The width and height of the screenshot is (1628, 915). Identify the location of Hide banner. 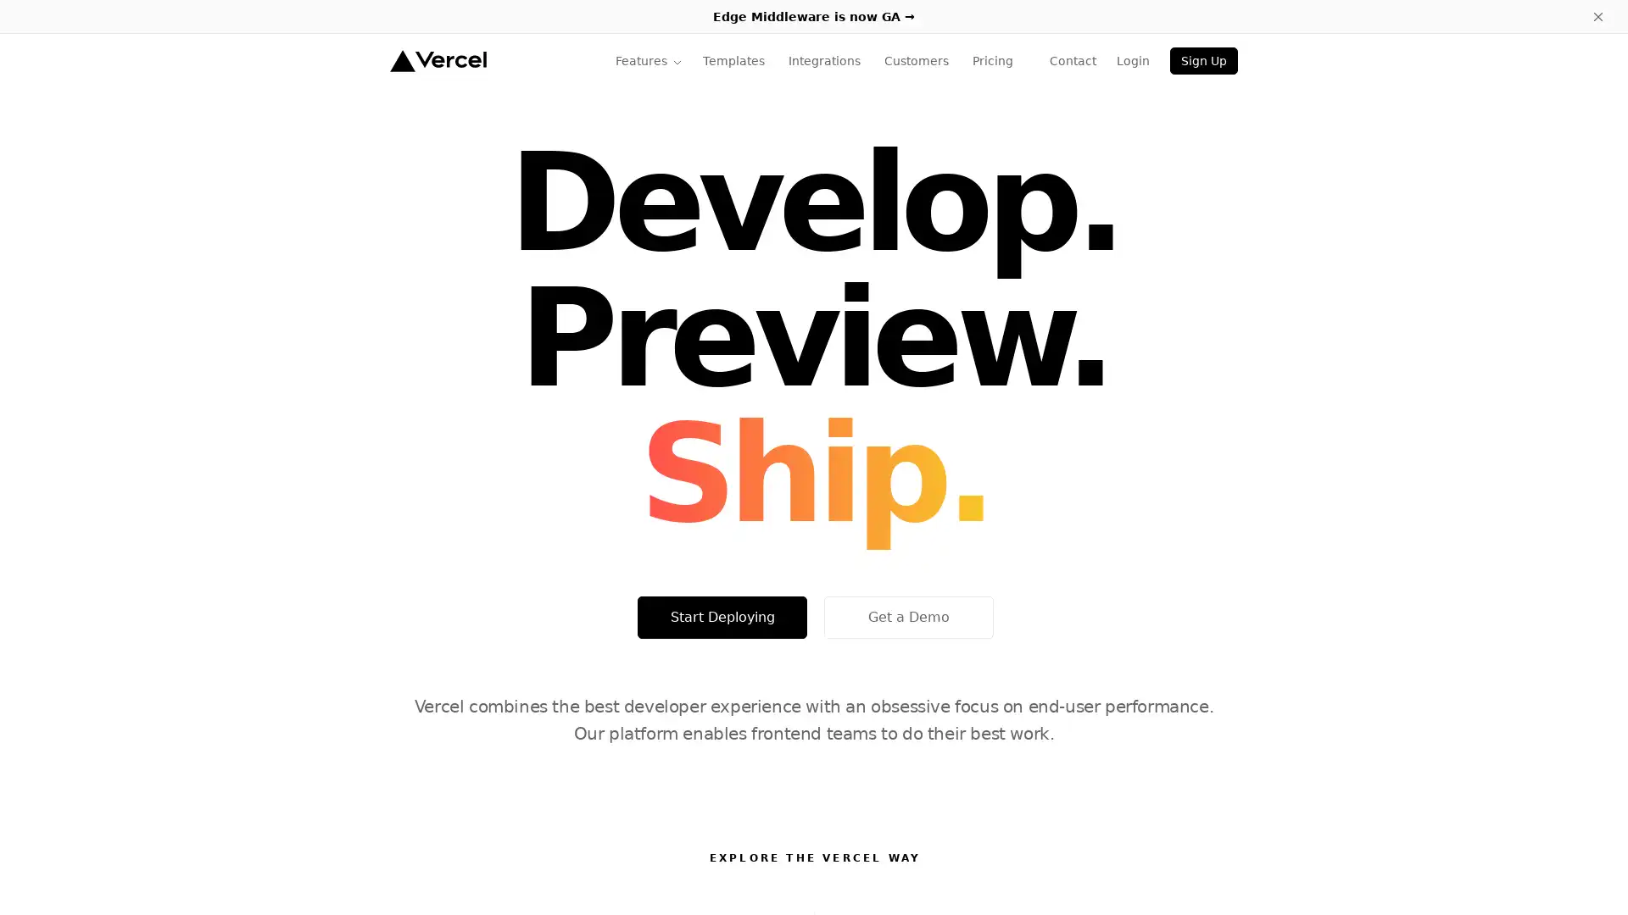
(1597, 16).